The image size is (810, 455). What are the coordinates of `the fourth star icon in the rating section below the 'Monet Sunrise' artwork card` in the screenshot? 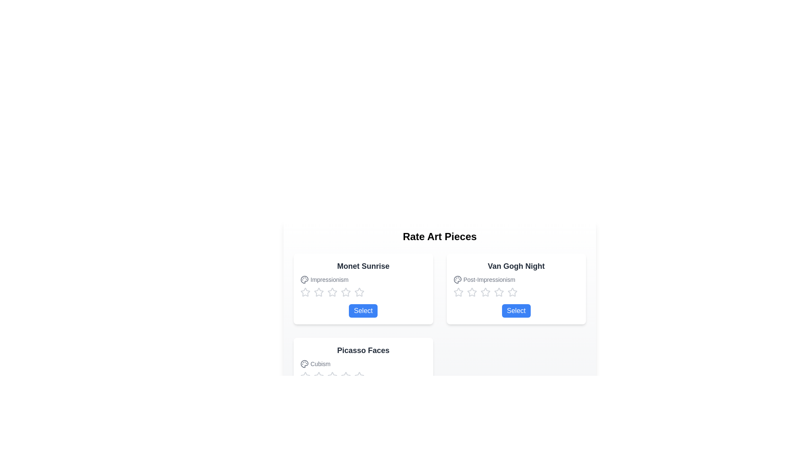 It's located at (359, 292).